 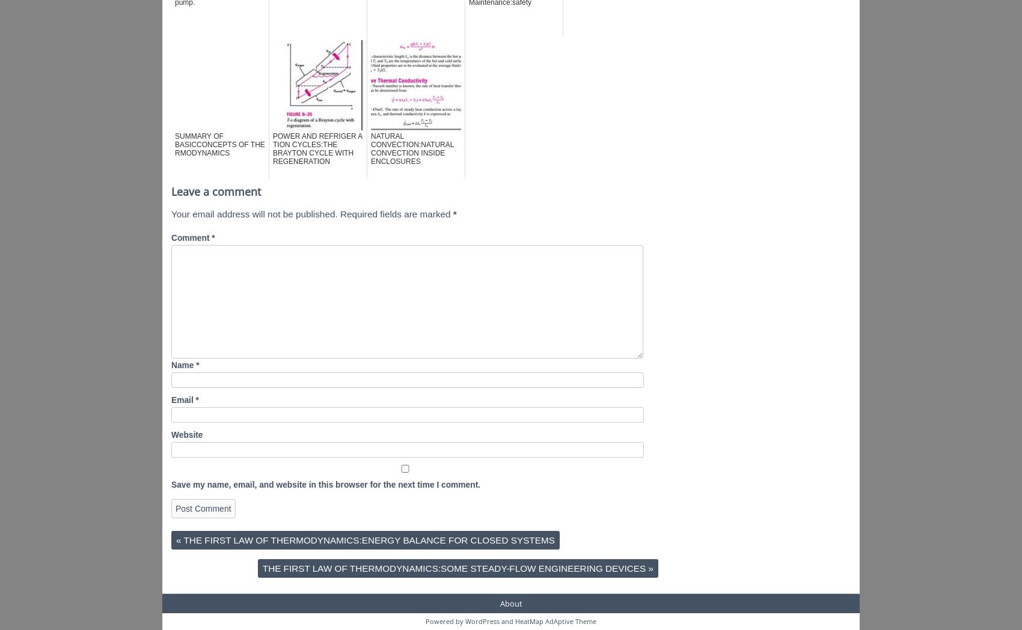 What do you see at coordinates (215, 190) in the screenshot?
I see `'Leave a comment'` at bounding box center [215, 190].